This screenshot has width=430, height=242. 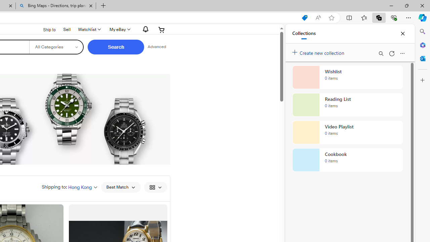 What do you see at coordinates (347, 160) in the screenshot?
I see `'Cookbook collection, 0 items'` at bounding box center [347, 160].